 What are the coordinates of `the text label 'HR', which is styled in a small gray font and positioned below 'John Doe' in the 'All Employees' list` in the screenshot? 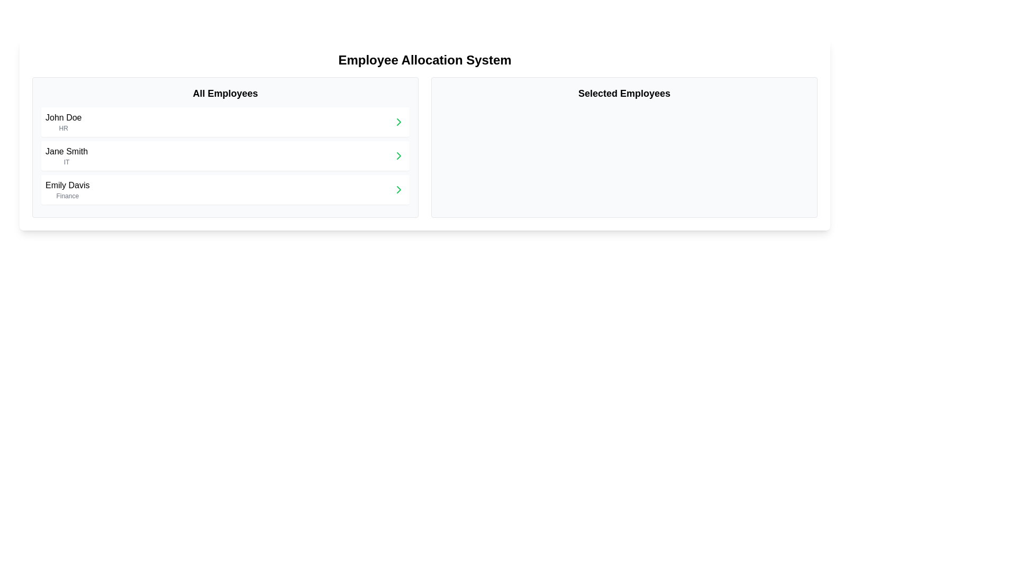 It's located at (63, 128).